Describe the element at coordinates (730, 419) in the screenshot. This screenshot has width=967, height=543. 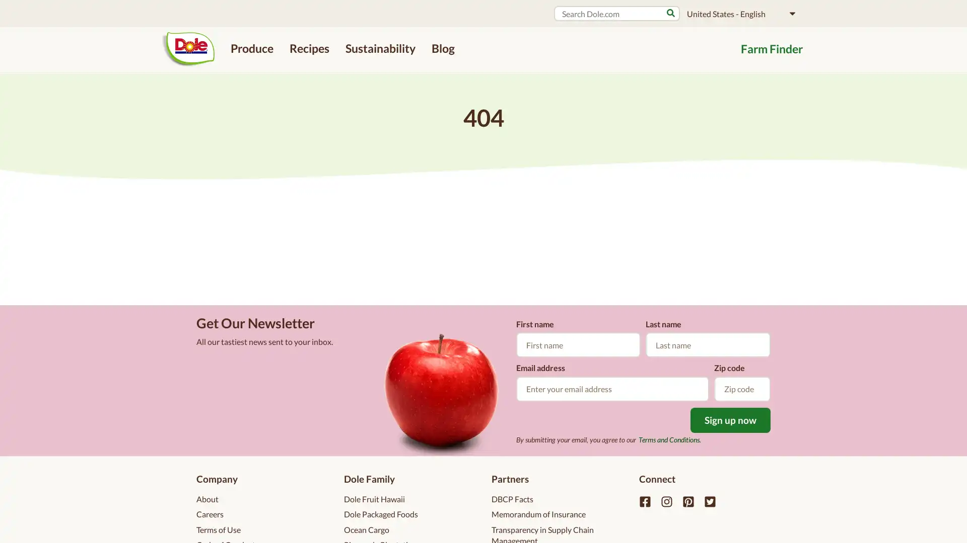
I see `Sign up now` at that location.